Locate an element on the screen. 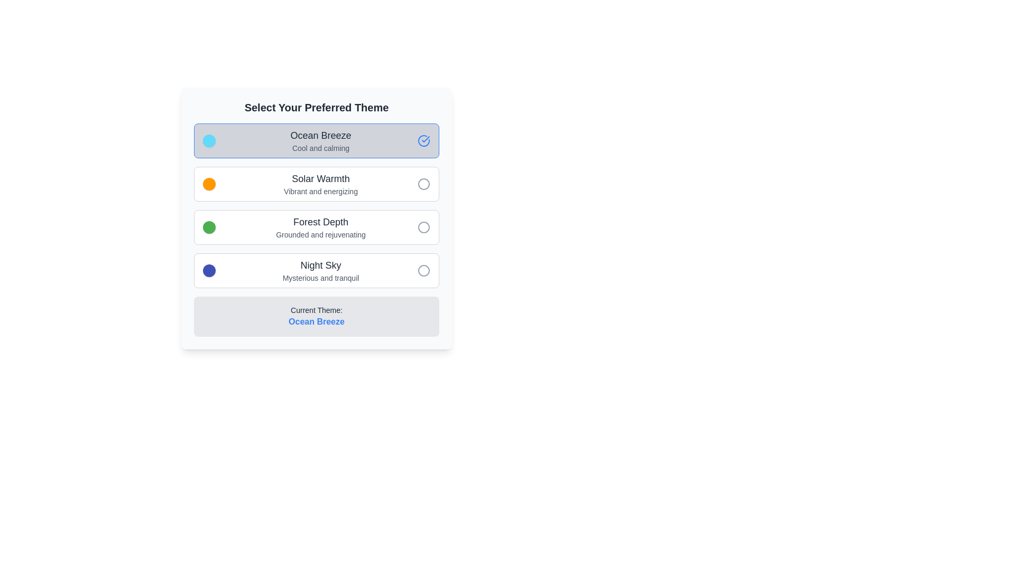 This screenshot has height=570, width=1015. the state of the circular blue checkmark icon next to the 'Ocean Breeze' option to confirm the selection is located at coordinates (423, 140).